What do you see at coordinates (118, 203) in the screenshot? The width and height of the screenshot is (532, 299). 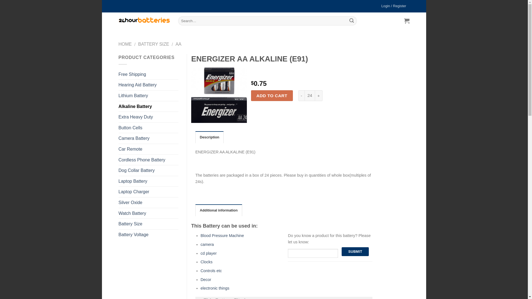 I see `'Silver Oxide'` at bounding box center [118, 203].